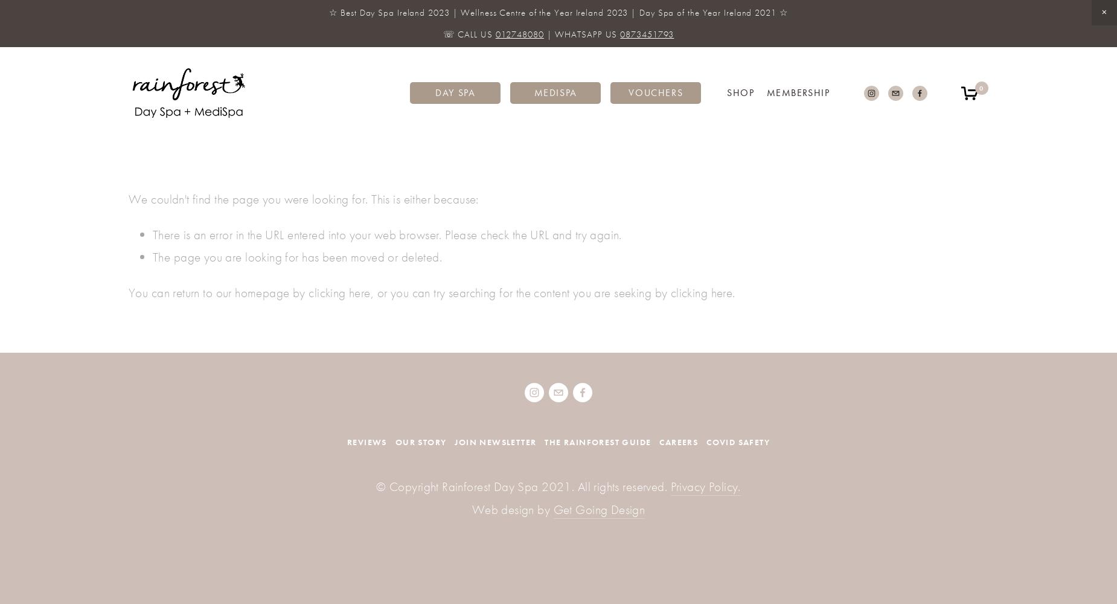  What do you see at coordinates (705, 486) in the screenshot?
I see `'Privacy Policy.'` at bounding box center [705, 486].